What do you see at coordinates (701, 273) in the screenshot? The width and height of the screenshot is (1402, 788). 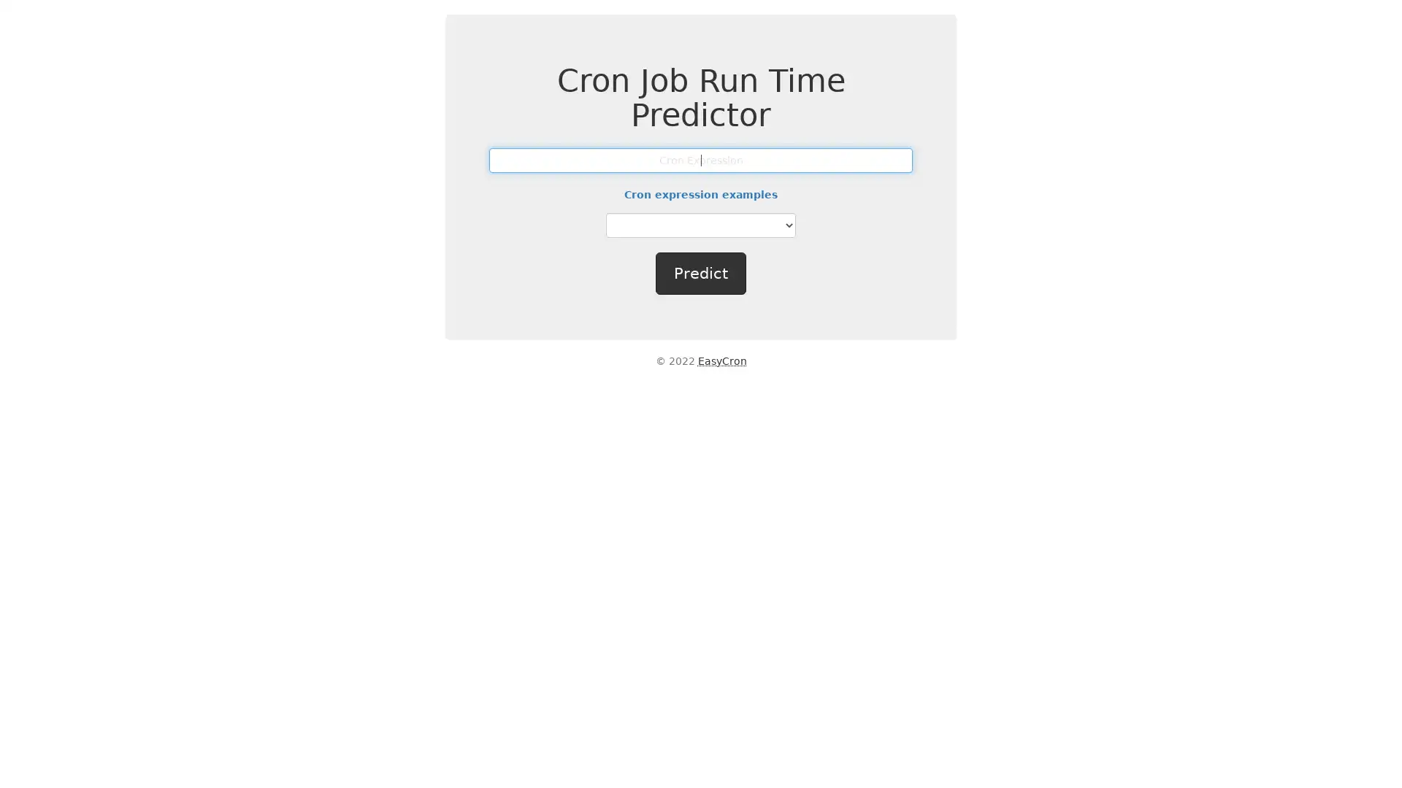 I see `Predict` at bounding box center [701, 273].